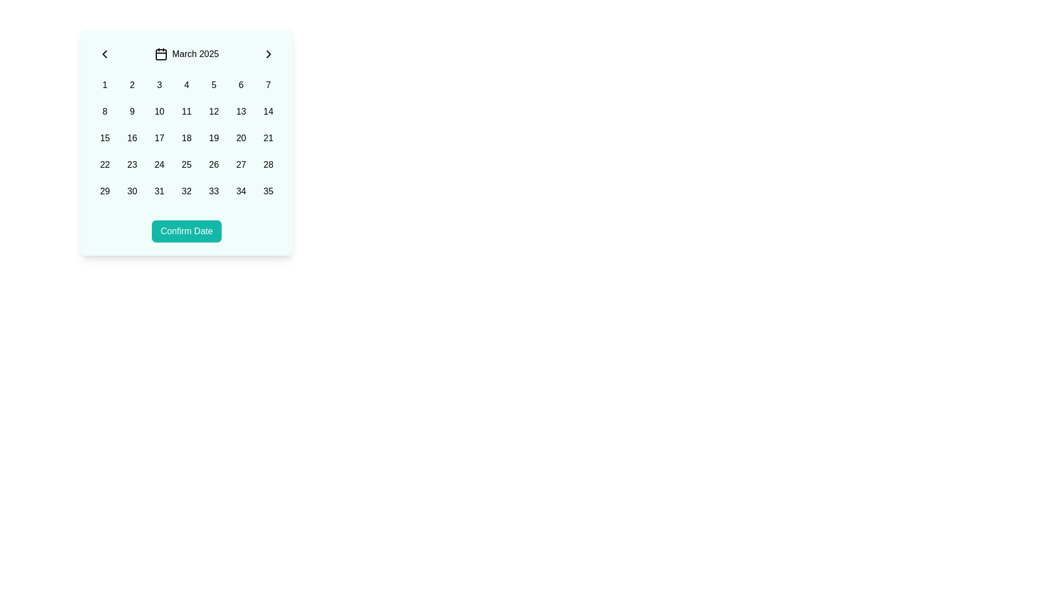 The height and width of the screenshot is (598, 1064). Describe the element at coordinates (186, 138) in the screenshot. I see `the button labeled '18' which is a rectangular area with a light background and bold black text, located in the third row and fourth column of the calendar grid` at that location.